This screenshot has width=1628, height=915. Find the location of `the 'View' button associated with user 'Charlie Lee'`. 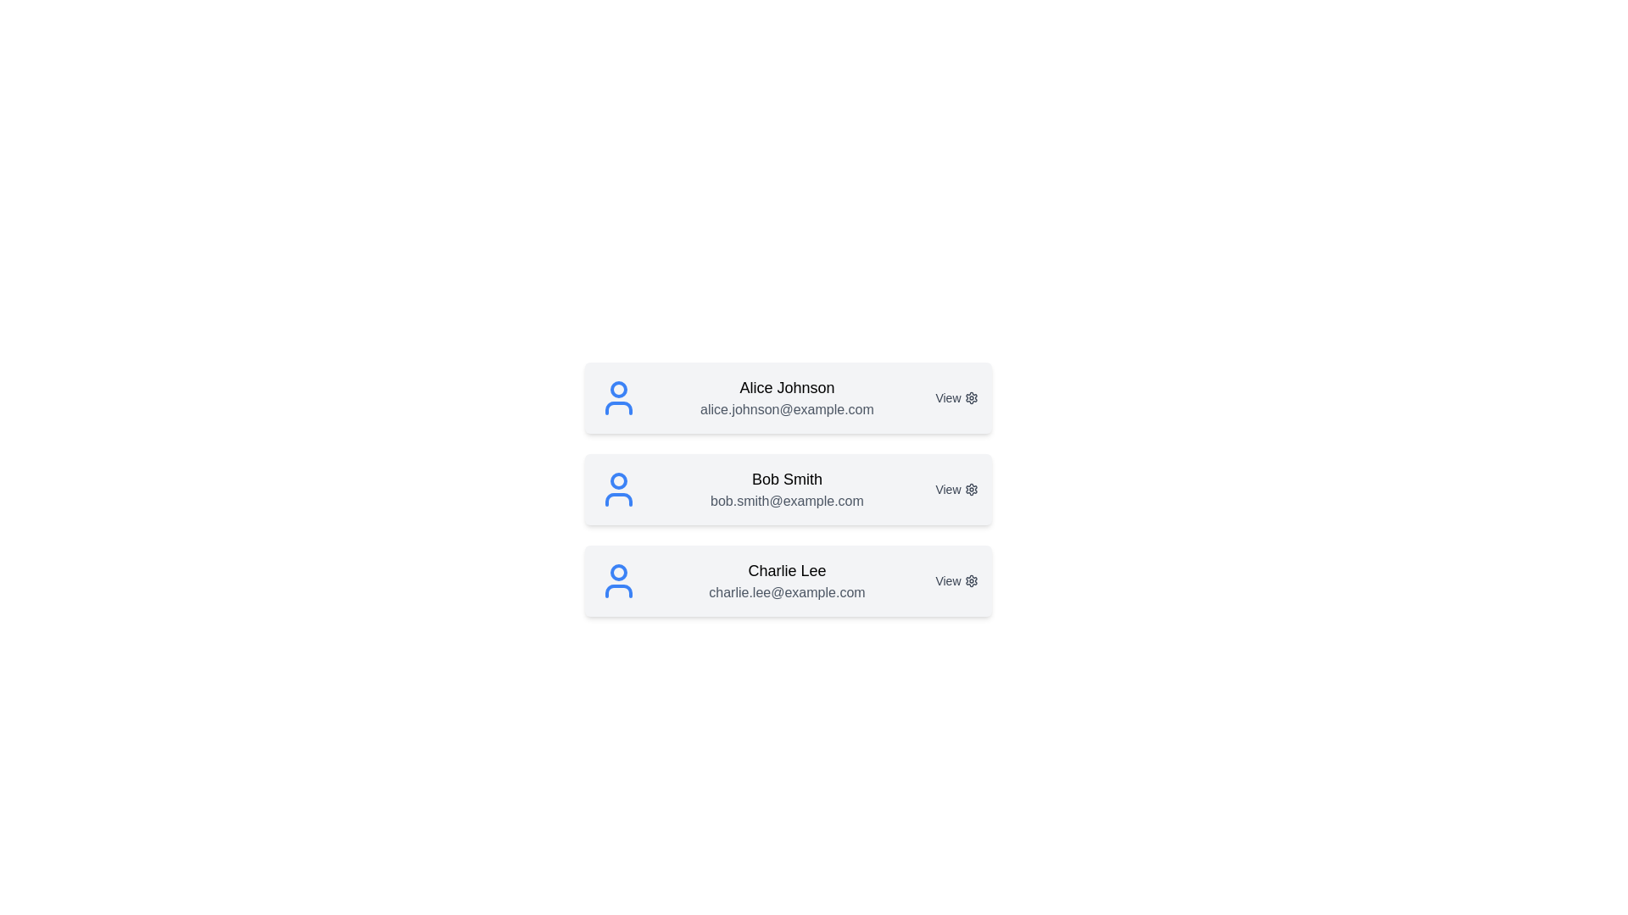

the 'View' button associated with user 'Charlie Lee' is located at coordinates (956, 580).